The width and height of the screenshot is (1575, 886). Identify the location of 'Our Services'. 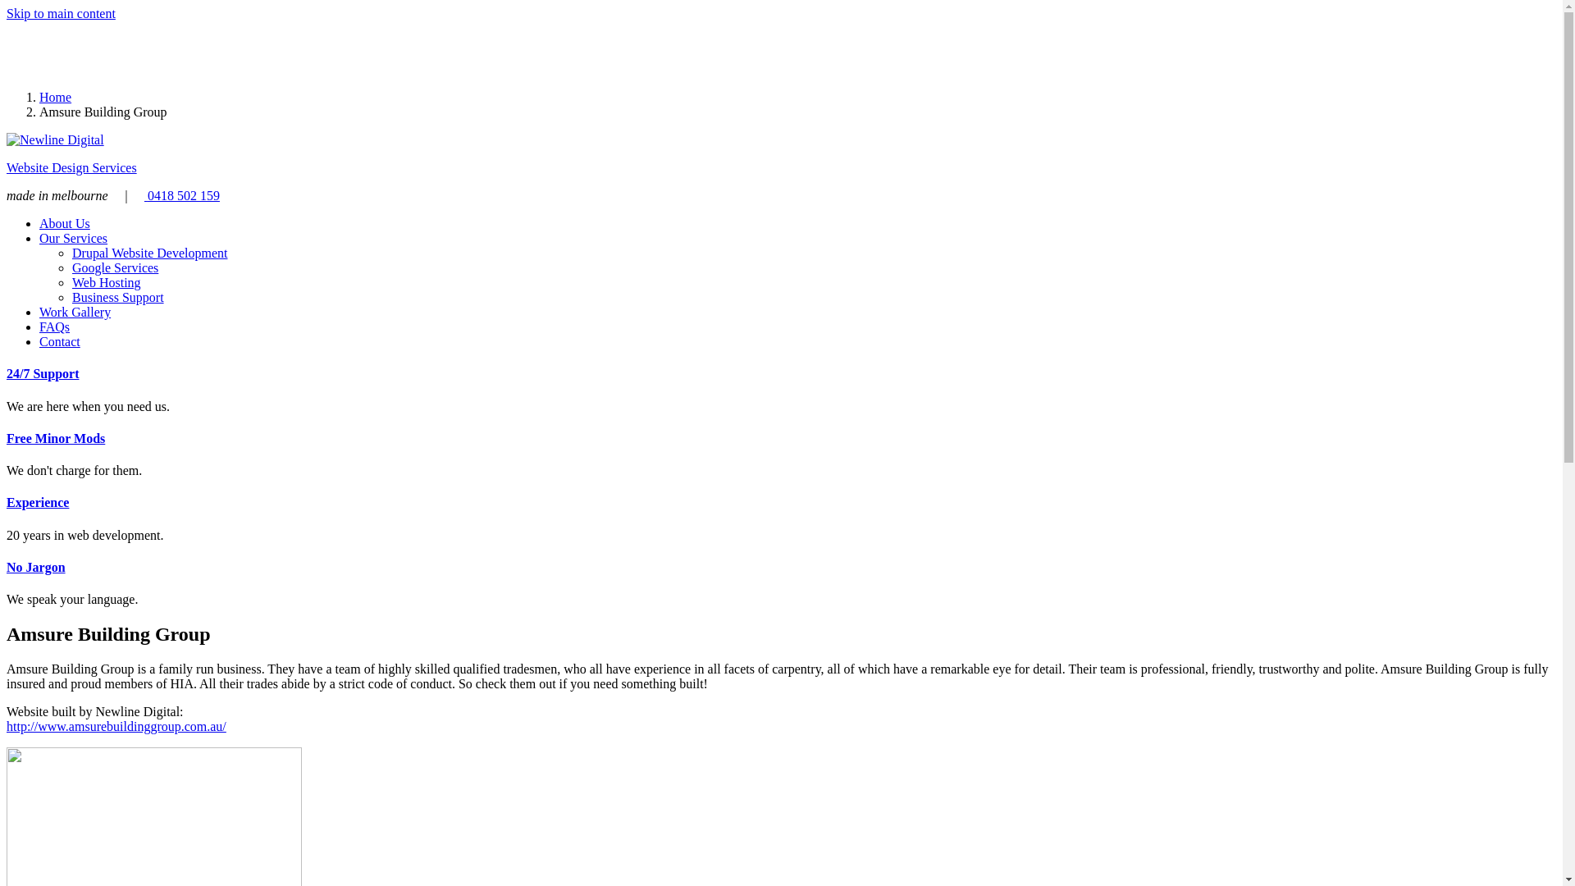
(72, 238).